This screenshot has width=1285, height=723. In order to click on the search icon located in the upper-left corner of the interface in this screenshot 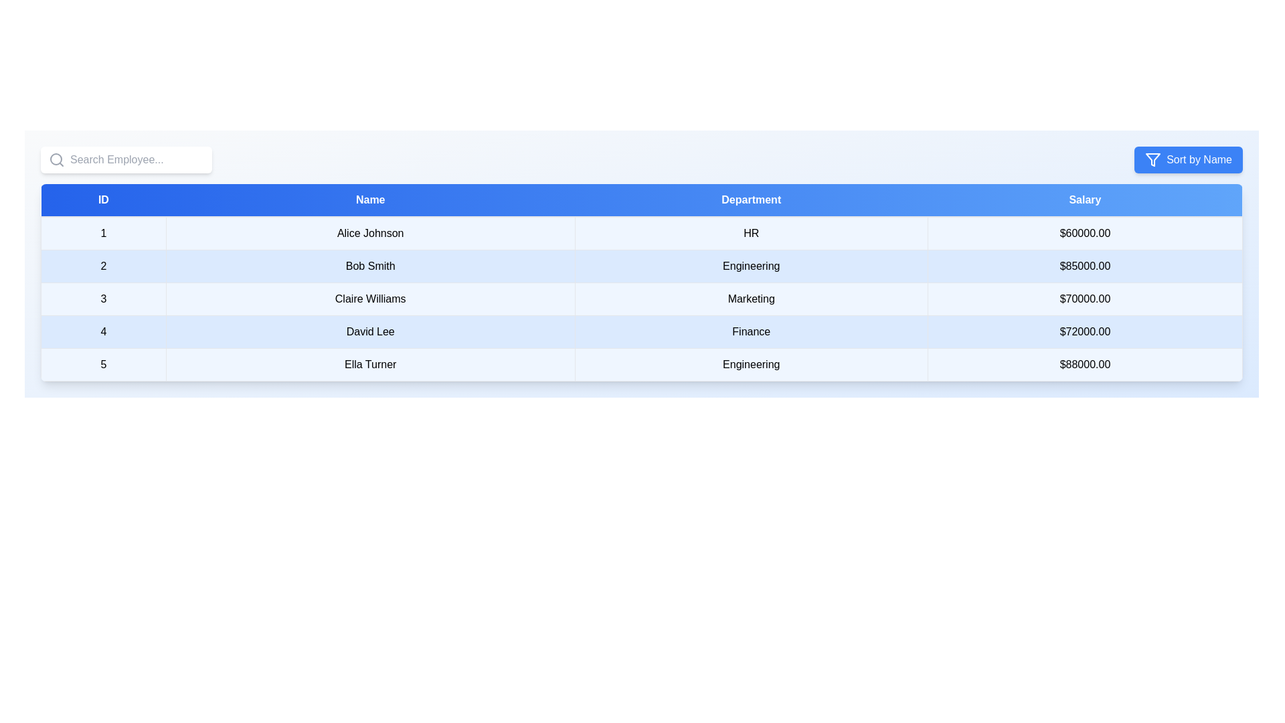, I will do `click(56, 159)`.